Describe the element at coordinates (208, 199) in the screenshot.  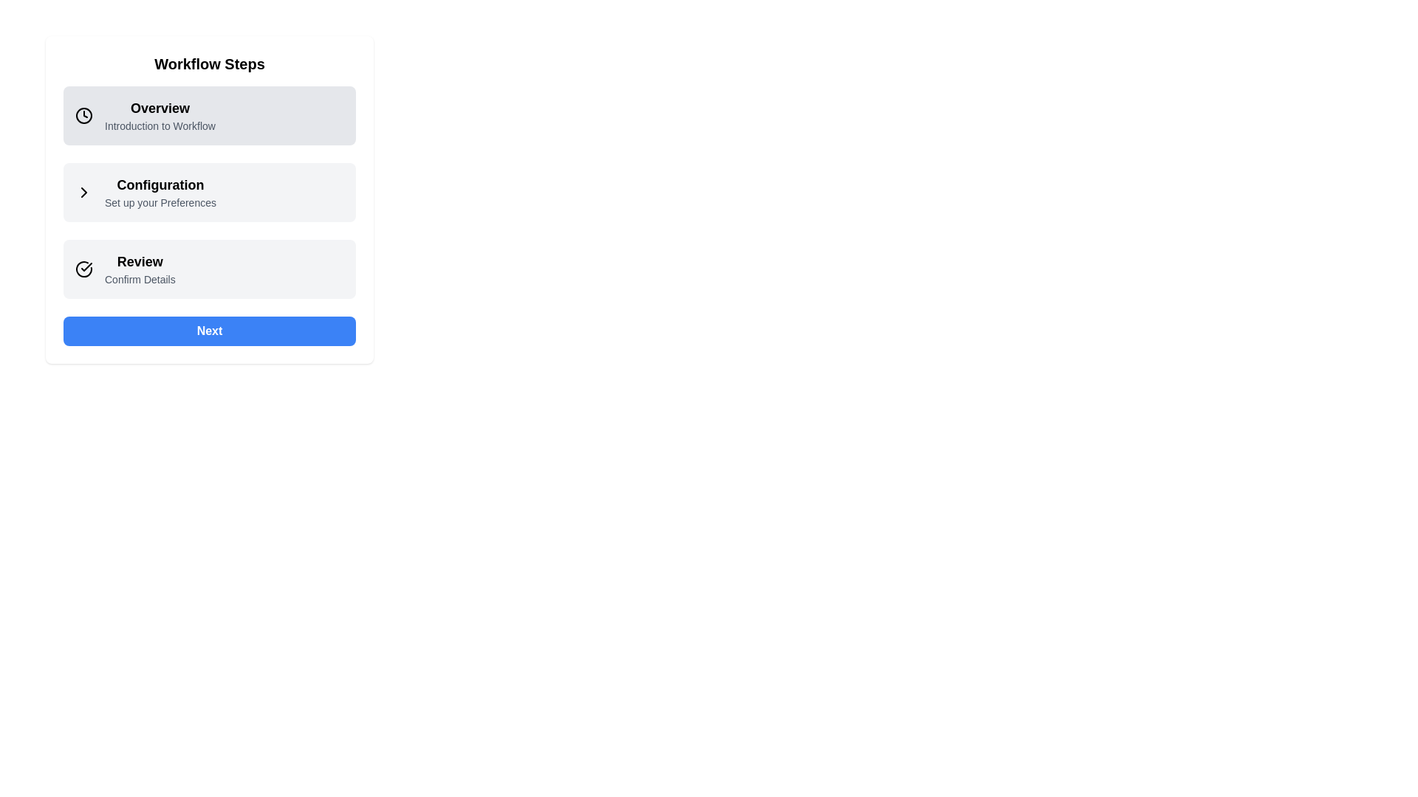
I see `the individual steps in the navigation panel below the 'Workflow Steps' title` at that location.